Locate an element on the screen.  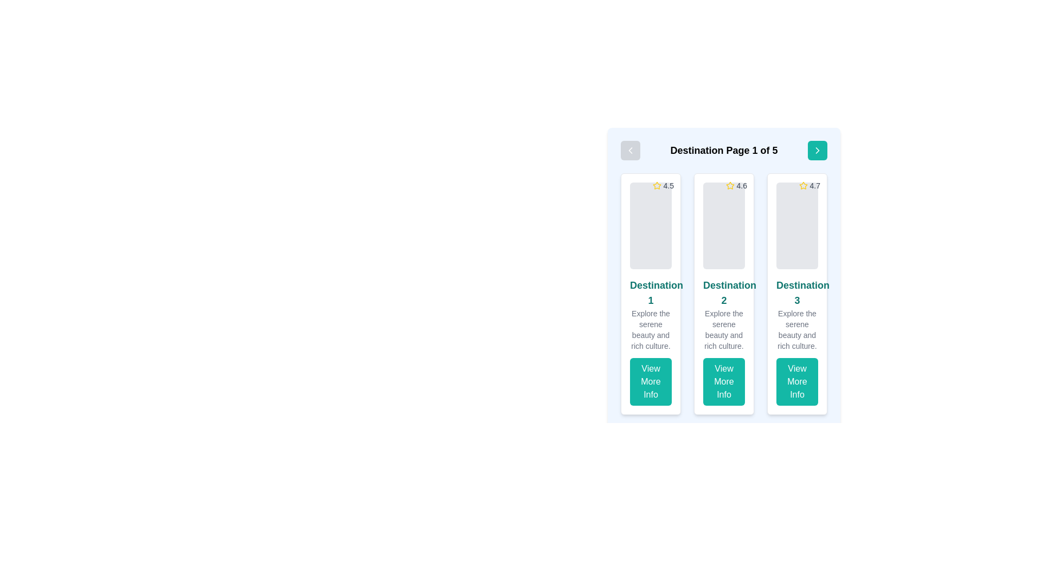
the numerical rating label located at the upper-right corner of the first destination card in the horizontal list is located at coordinates (668, 185).